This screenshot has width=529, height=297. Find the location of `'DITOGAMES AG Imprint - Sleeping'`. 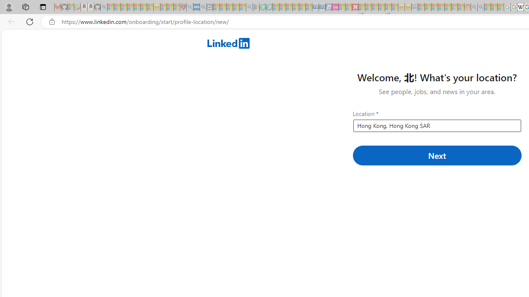

'DITOGAMES AG Imprint - Sleeping' is located at coordinates (415, 7).